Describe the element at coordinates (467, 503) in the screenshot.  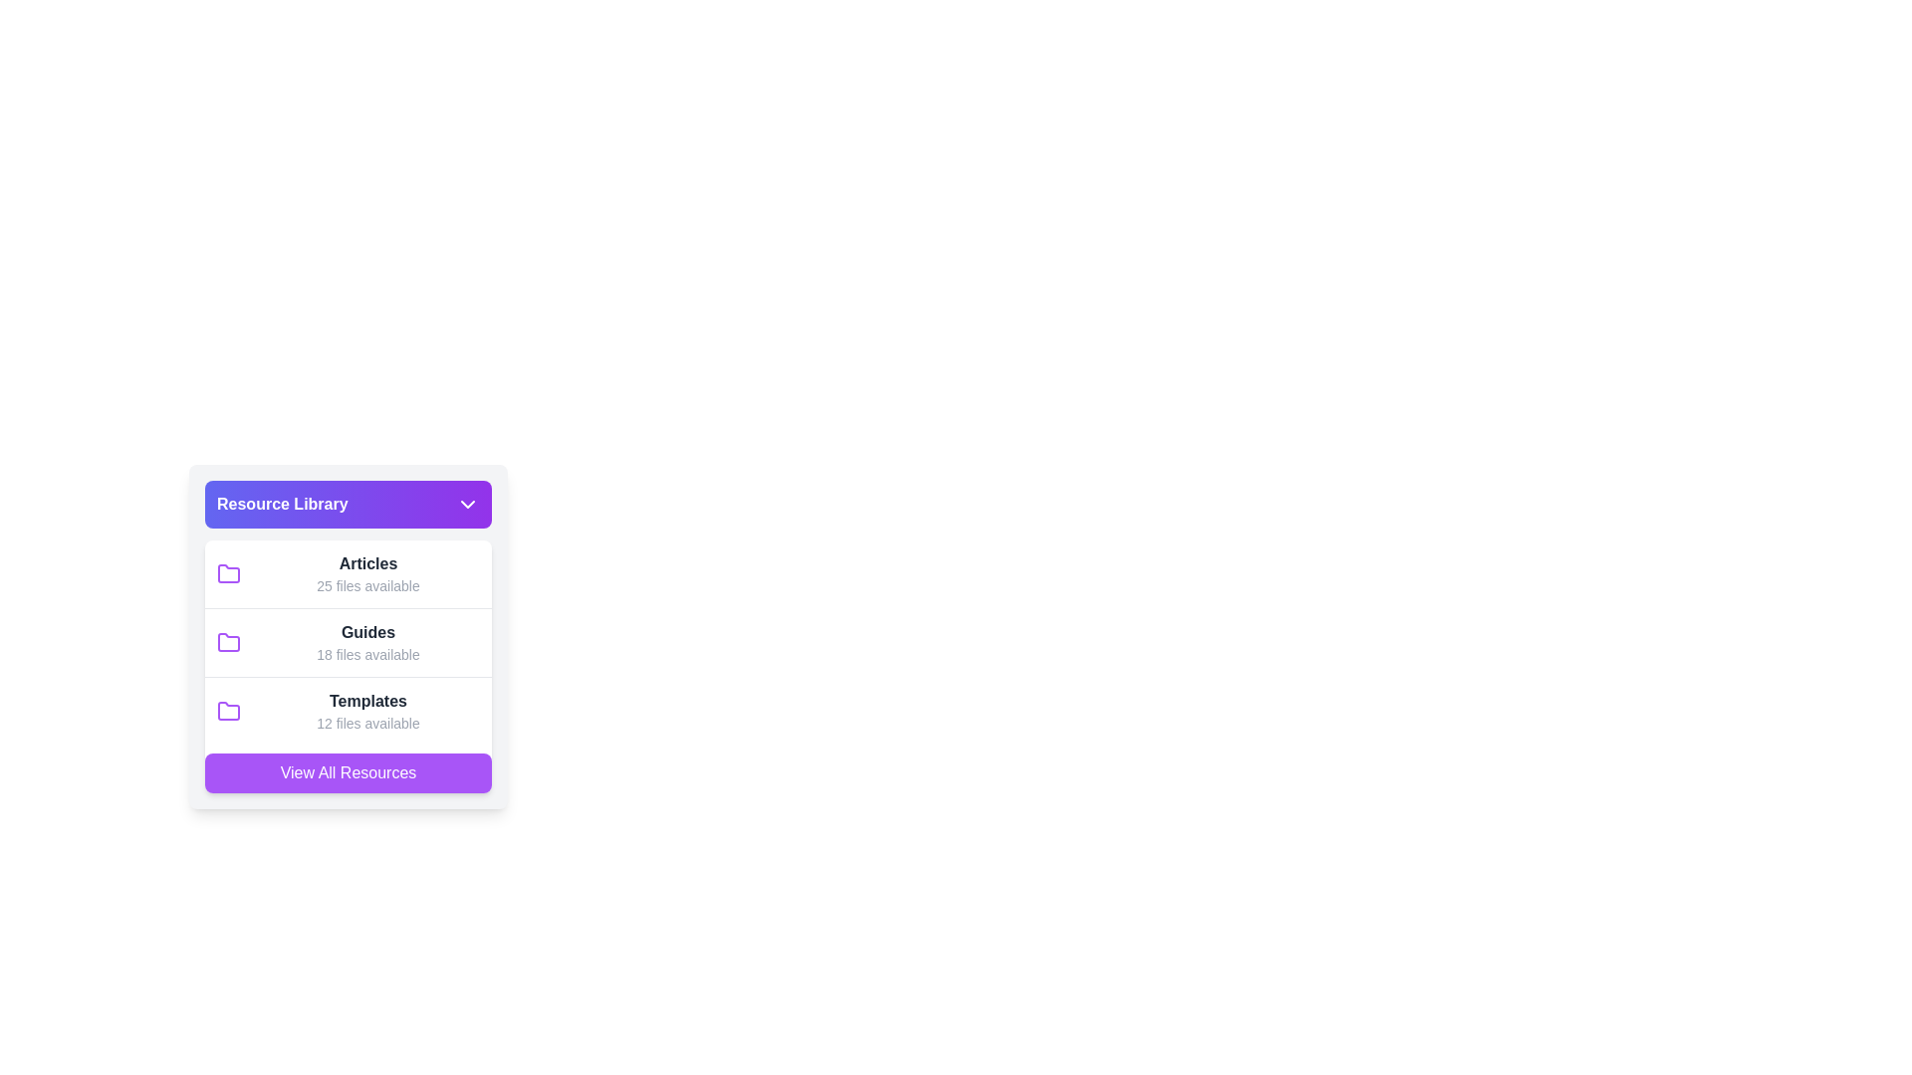
I see `the downward-pointing chevron icon located at the far-right side of the 'Resource Library' title header bar` at that location.